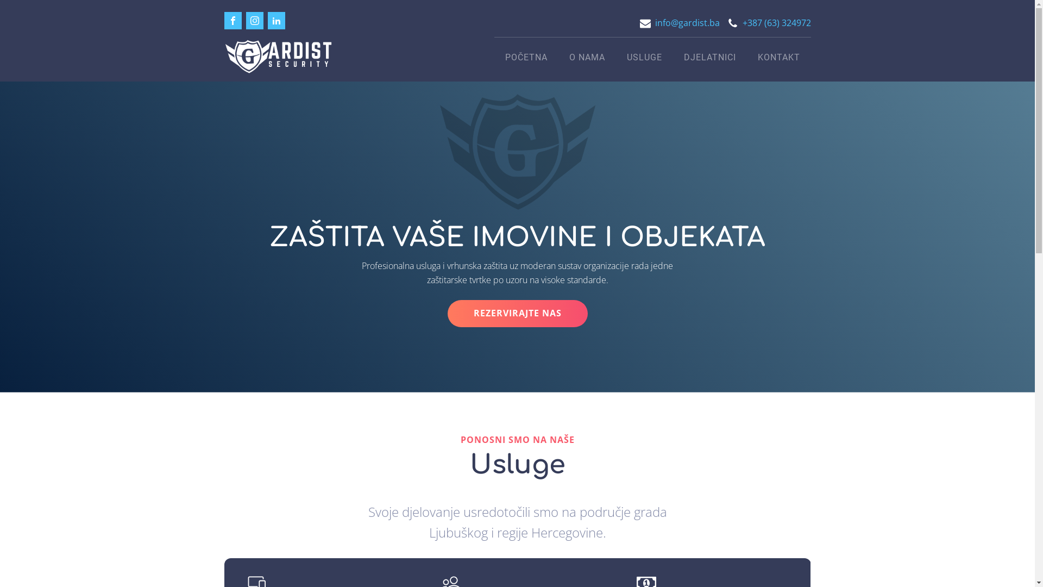  What do you see at coordinates (644, 57) in the screenshot?
I see `'USLUGE'` at bounding box center [644, 57].